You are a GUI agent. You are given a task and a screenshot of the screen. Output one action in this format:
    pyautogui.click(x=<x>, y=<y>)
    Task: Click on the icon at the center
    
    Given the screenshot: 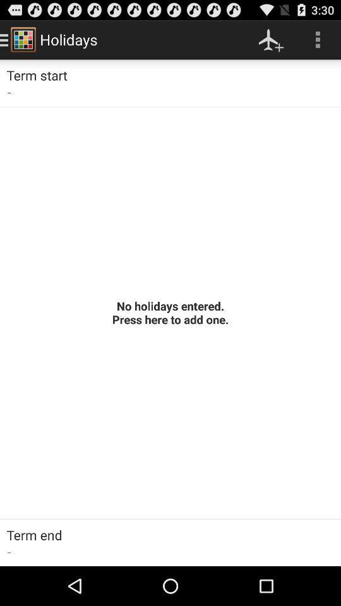 What is the action you would take?
    pyautogui.click(x=170, y=312)
    